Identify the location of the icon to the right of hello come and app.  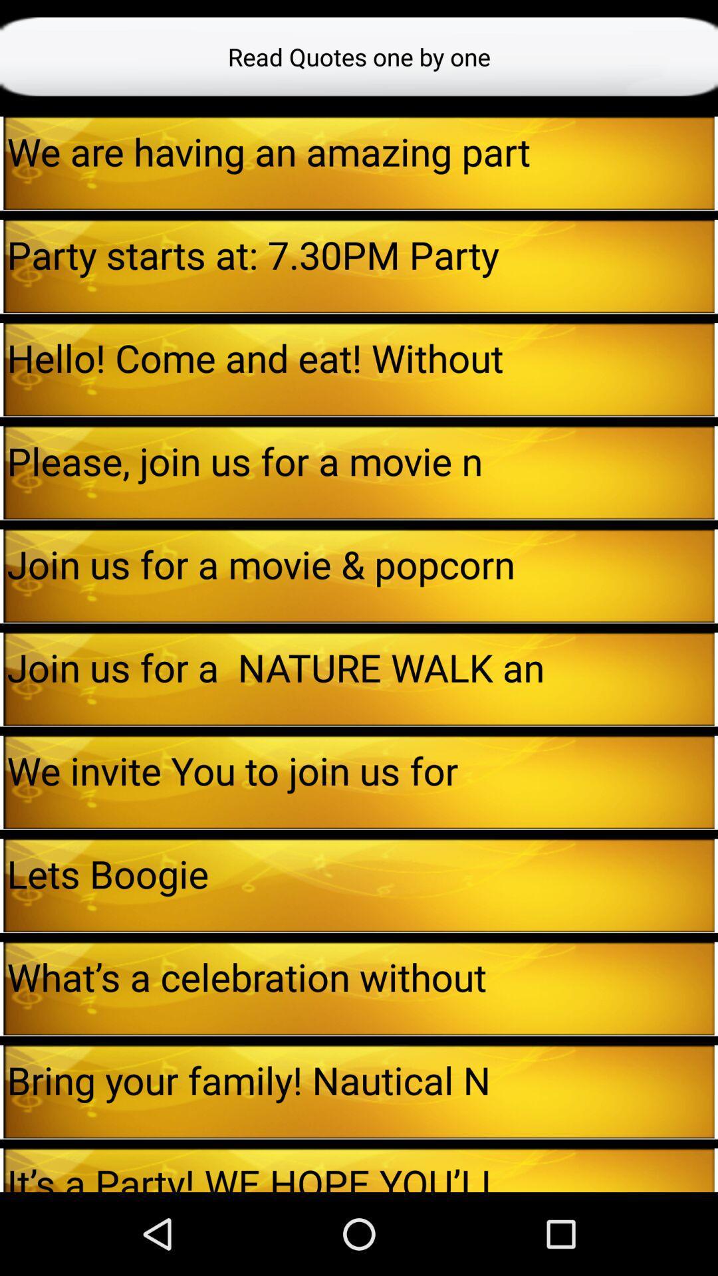
(715, 370).